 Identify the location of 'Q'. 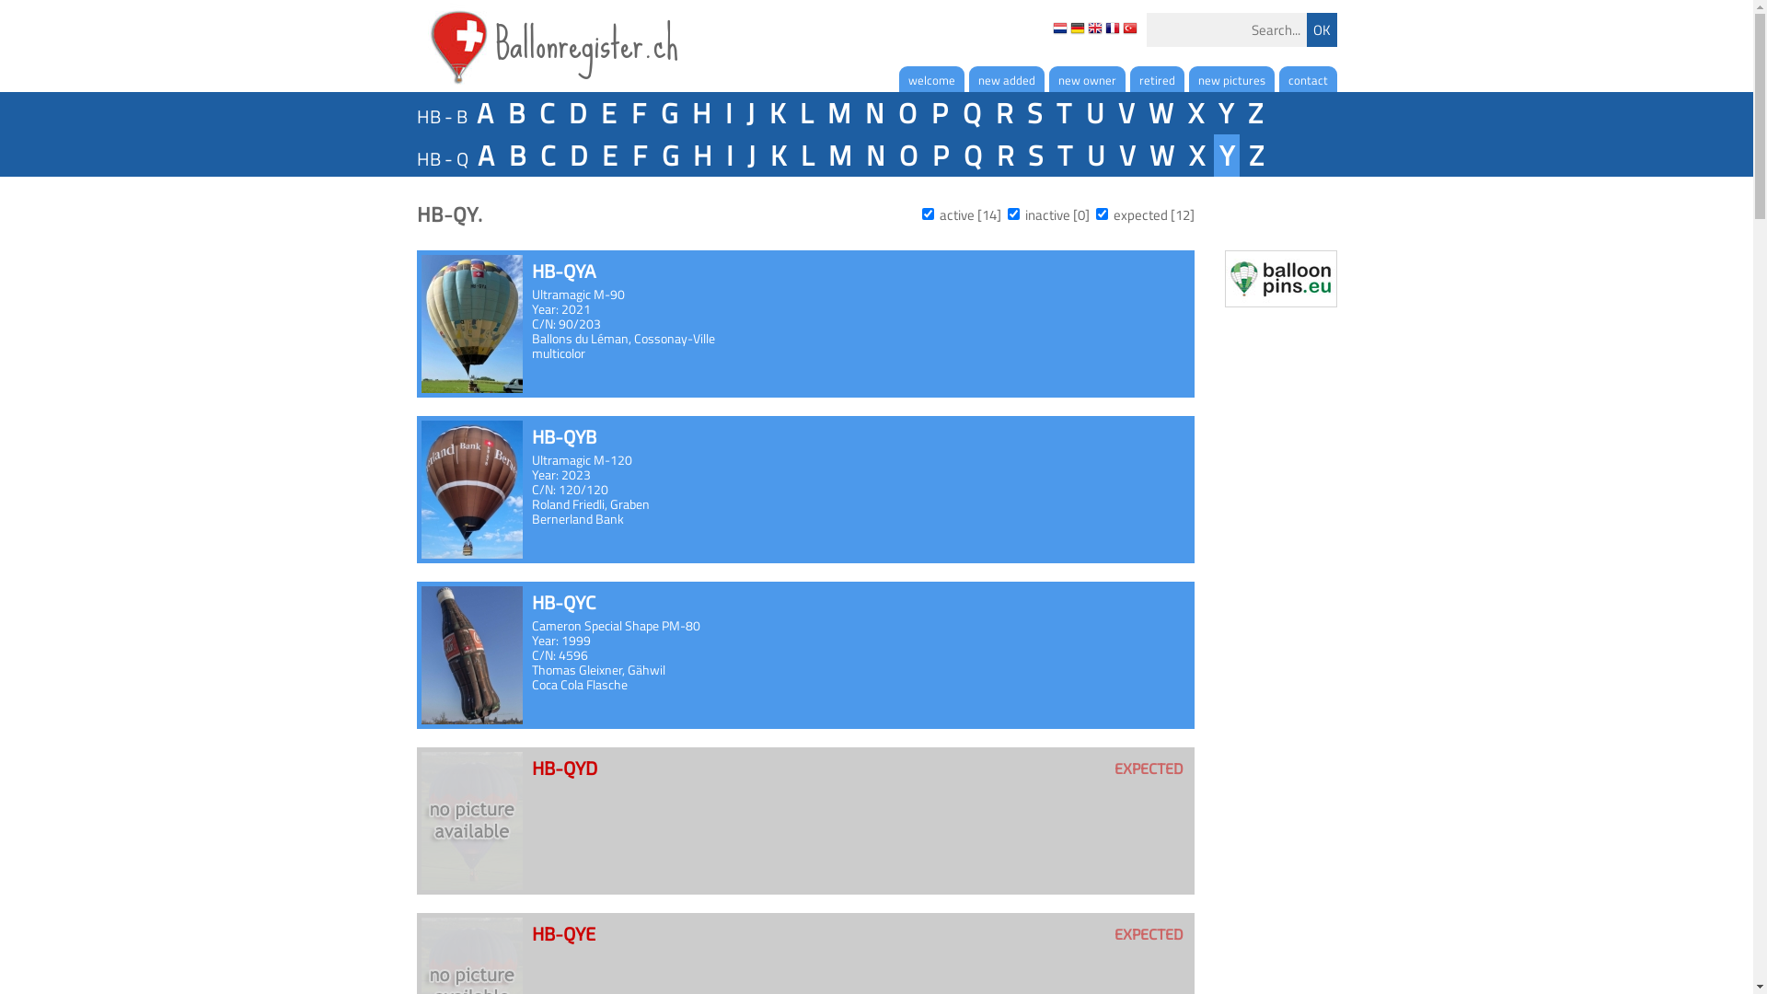
(971, 113).